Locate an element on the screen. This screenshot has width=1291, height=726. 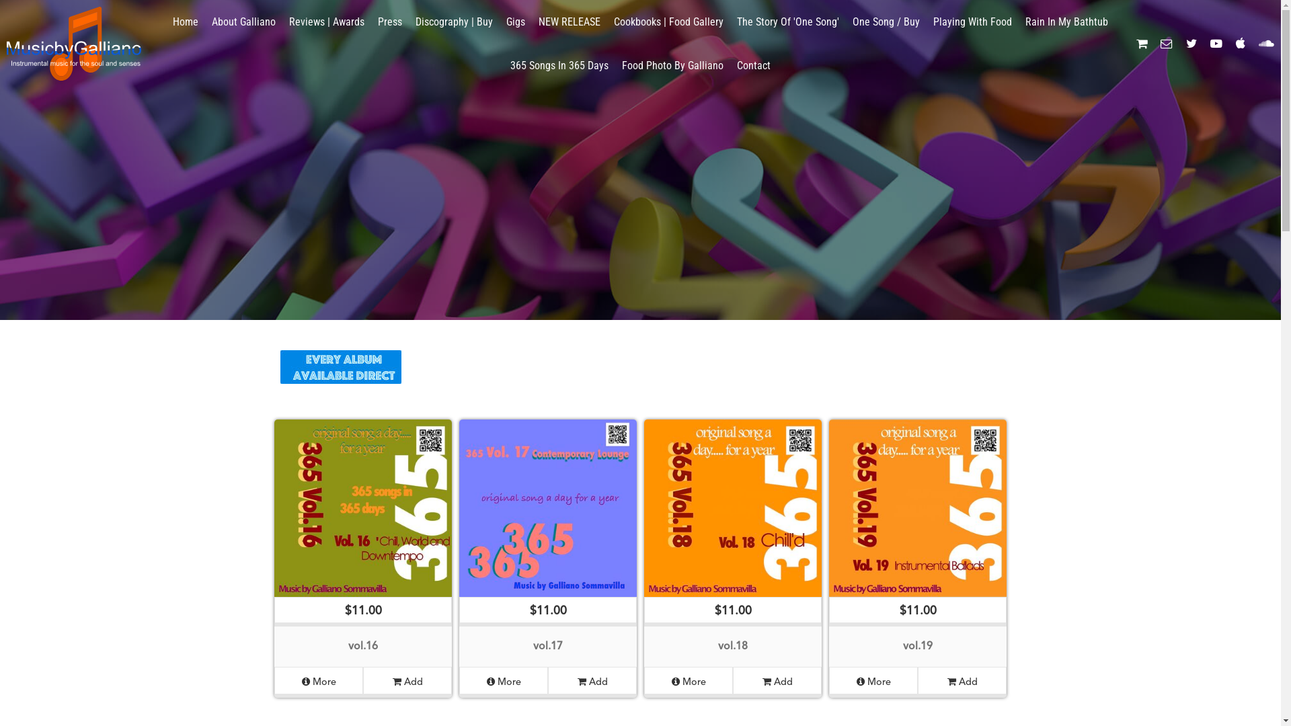
'Reviews | Awards' is located at coordinates (326, 21).